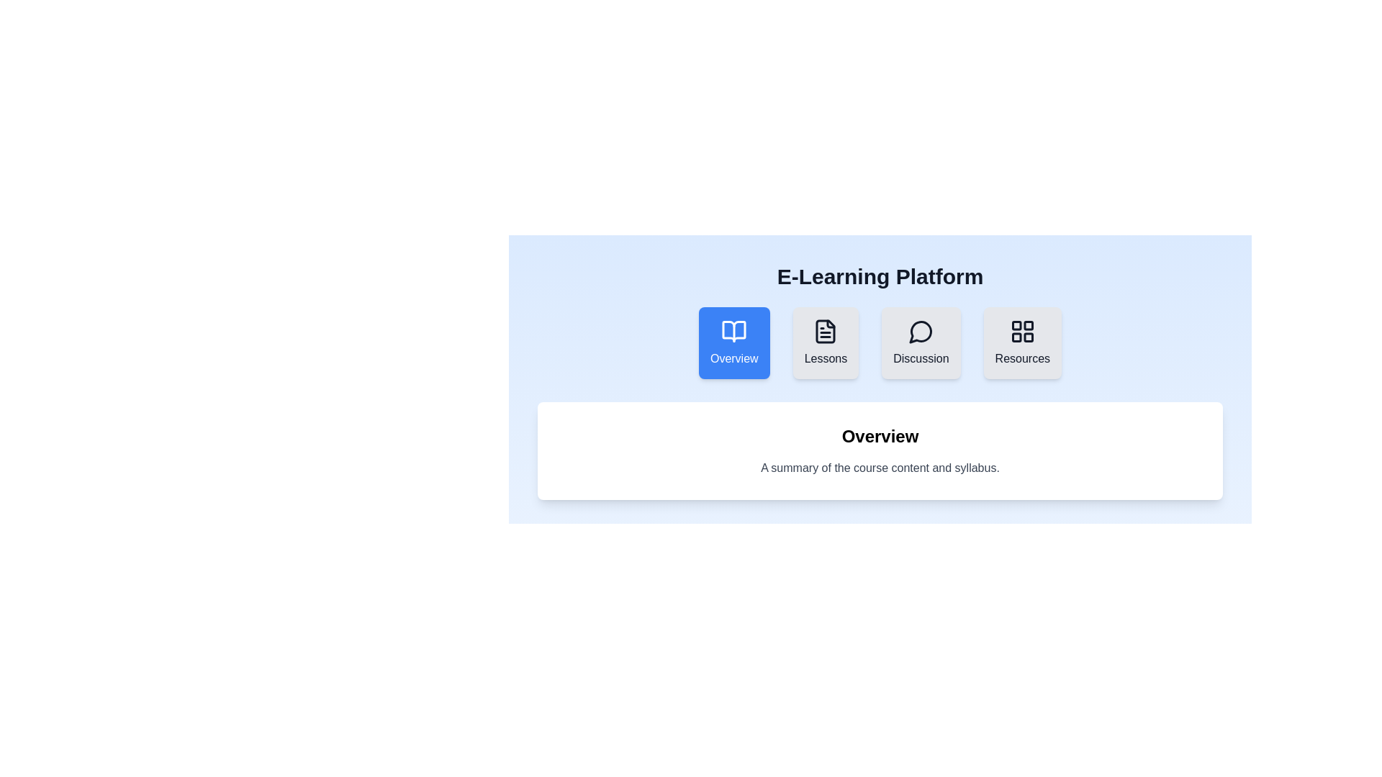 This screenshot has height=777, width=1382. I want to click on the Discussion tab to switch to its content, so click(920, 343).